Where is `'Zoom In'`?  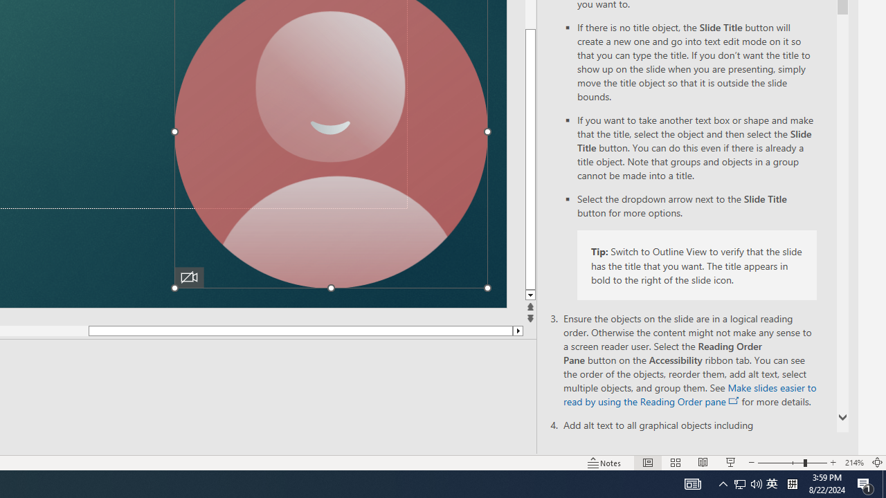 'Zoom In' is located at coordinates (833, 463).